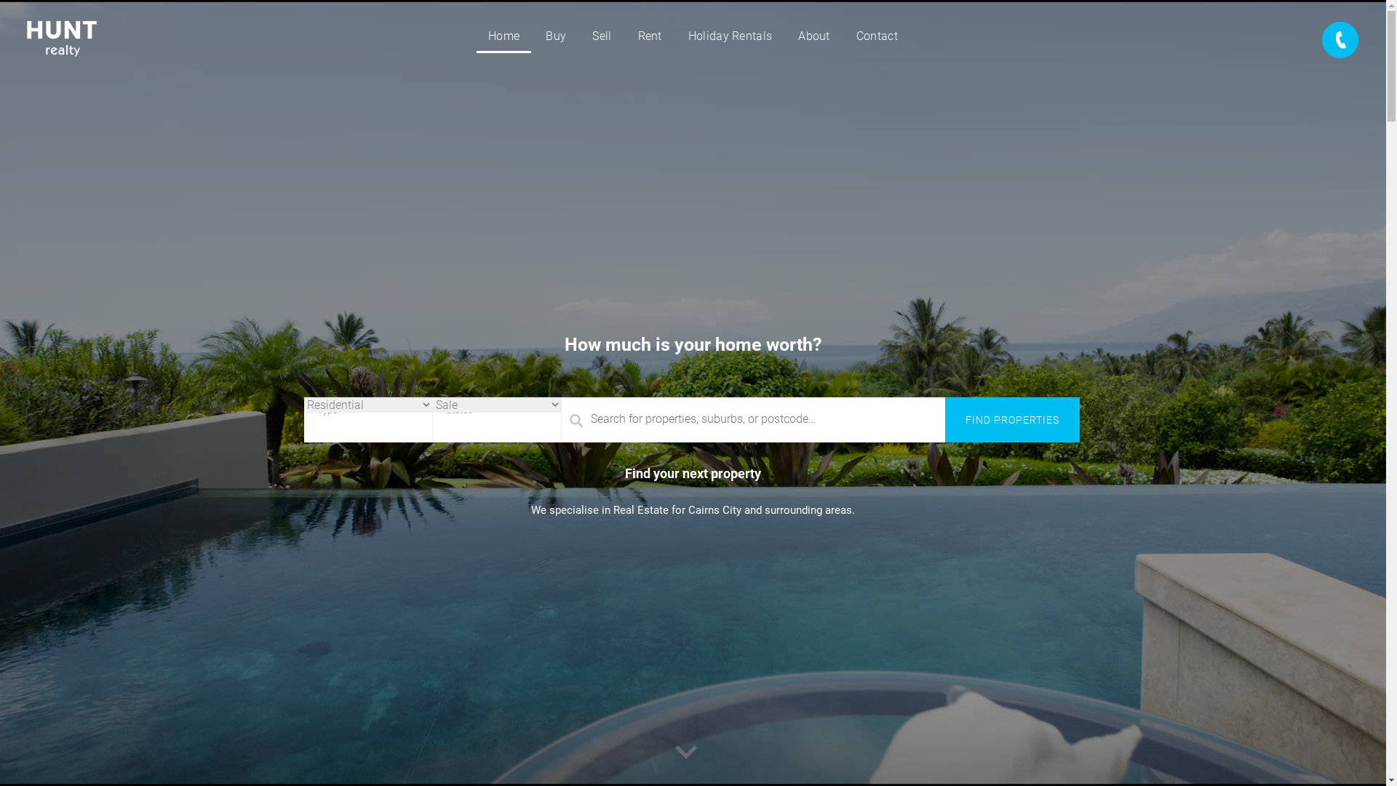 The width and height of the screenshot is (1397, 786). What do you see at coordinates (730, 36) in the screenshot?
I see `'Holiday Rentals'` at bounding box center [730, 36].